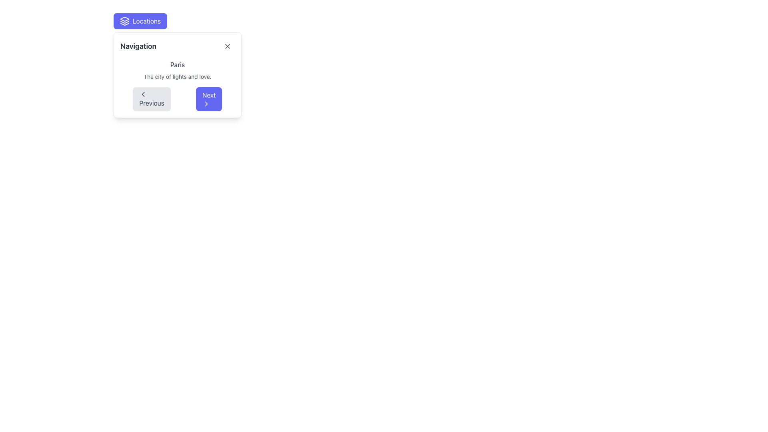 Image resolution: width=768 pixels, height=432 pixels. Describe the element at coordinates (206, 103) in the screenshot. I see `the decorative SVG icon within the 'Next' button located in the lower-right of the 'Navigation' panel` at that location.